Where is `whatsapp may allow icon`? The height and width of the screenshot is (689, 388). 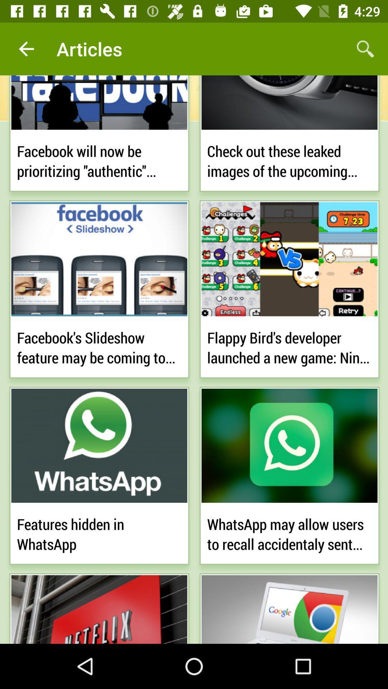 whatsapp may allow icon is located at coordinates (289, 533).